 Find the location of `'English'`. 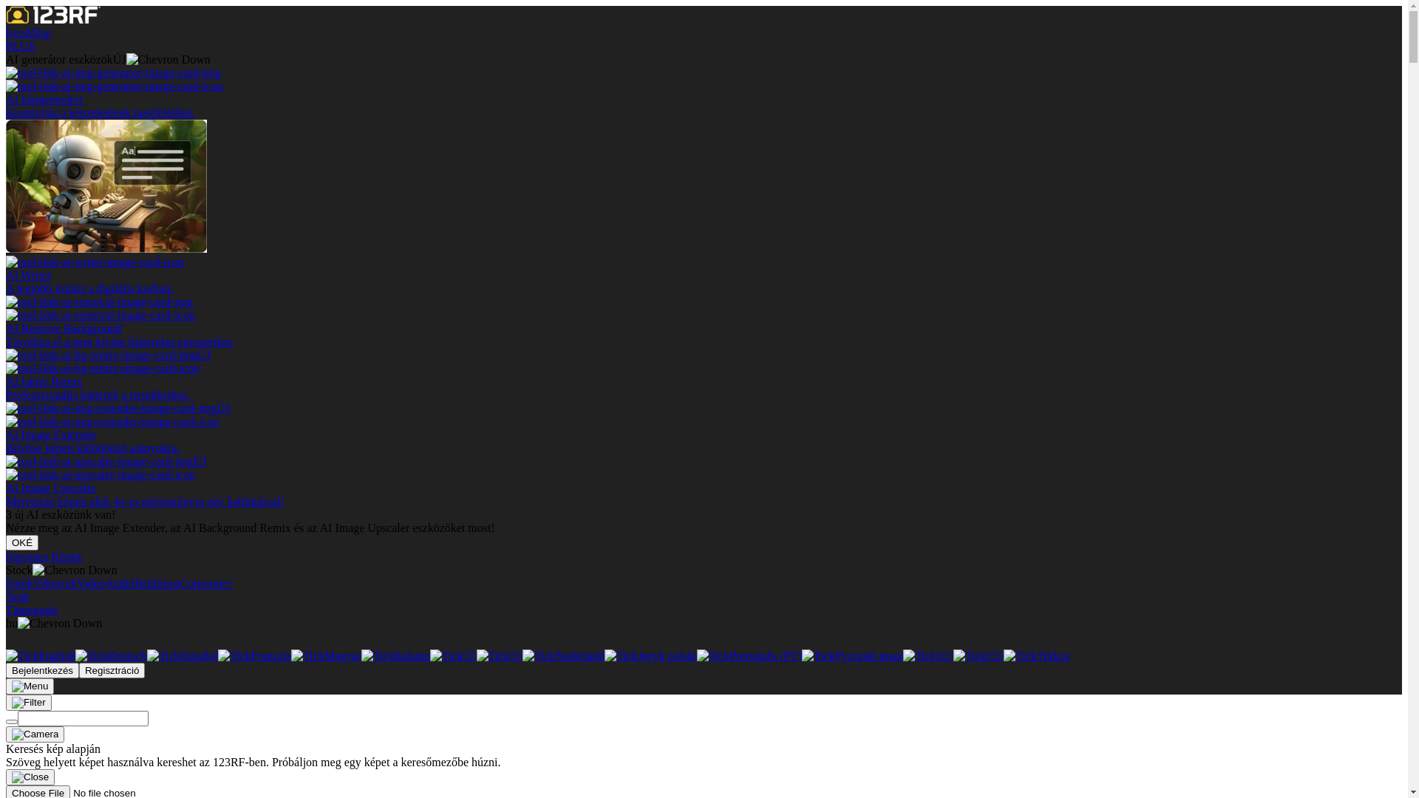

'English' is located at coordinates (6, 655).